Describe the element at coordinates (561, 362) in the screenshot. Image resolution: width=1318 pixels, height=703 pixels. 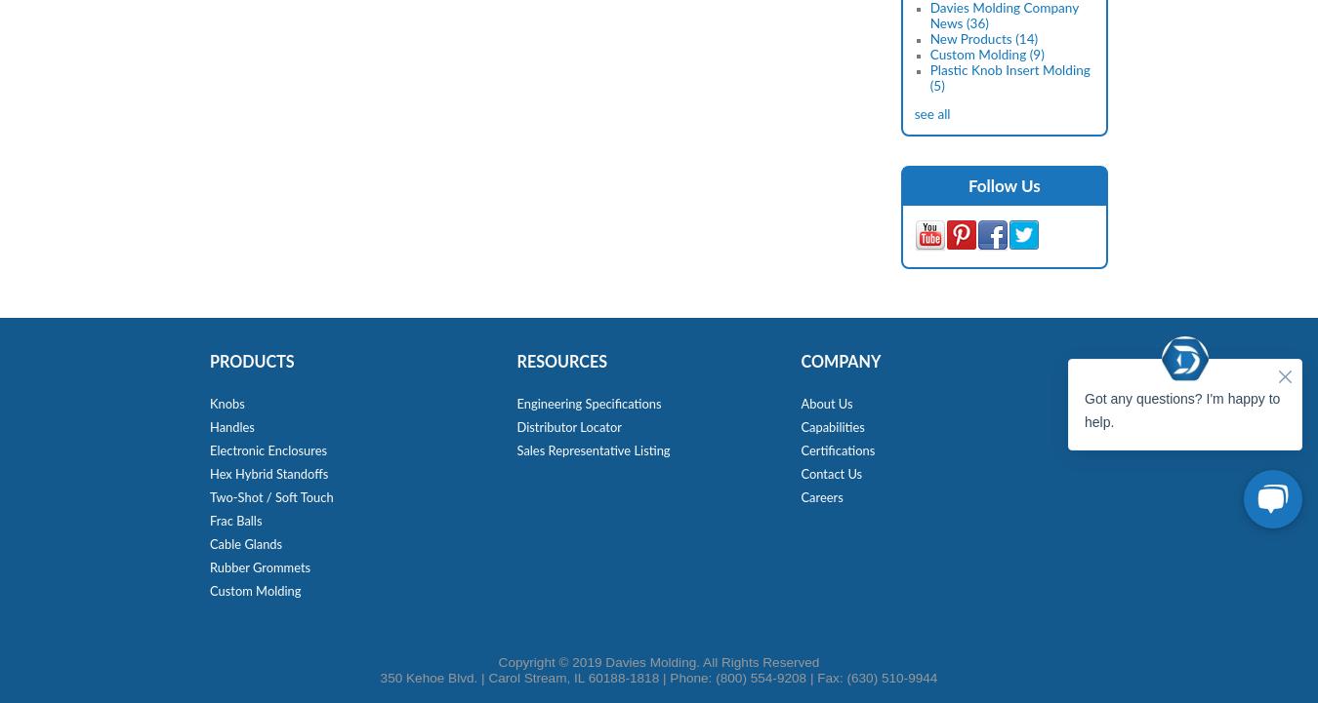
I see `'Resources'` at that location.